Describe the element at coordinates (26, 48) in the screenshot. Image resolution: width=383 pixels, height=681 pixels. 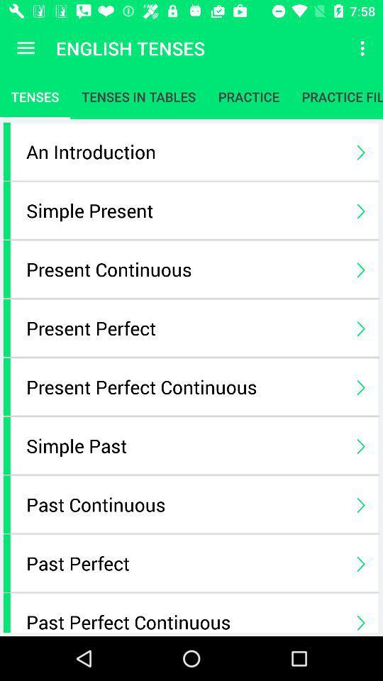
I see `app next to the english tenses icon` at that location.